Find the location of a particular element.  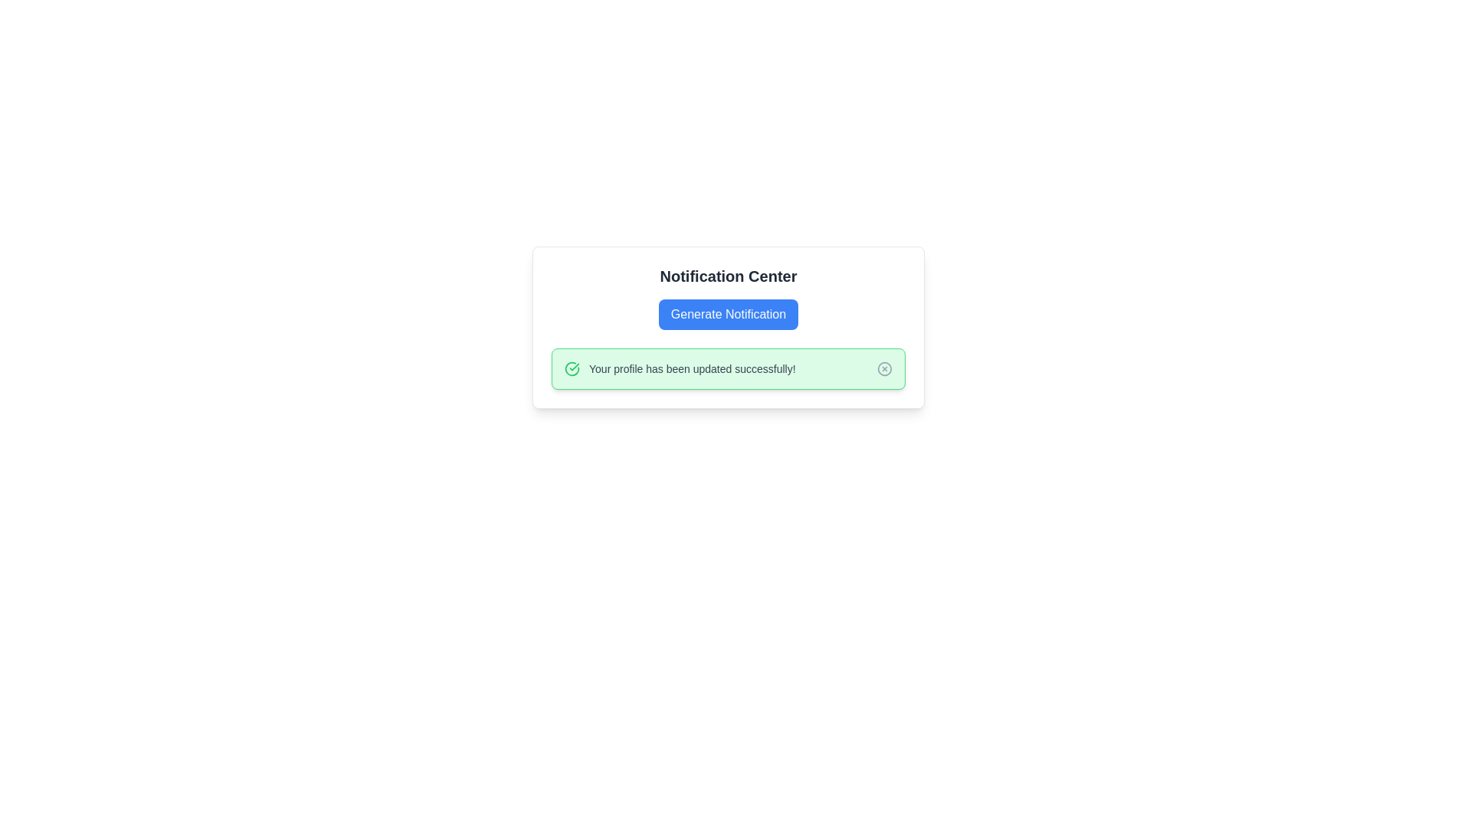

the iconified button located at the top-right corner of the green success notification box is located at coordinates (885, 369).